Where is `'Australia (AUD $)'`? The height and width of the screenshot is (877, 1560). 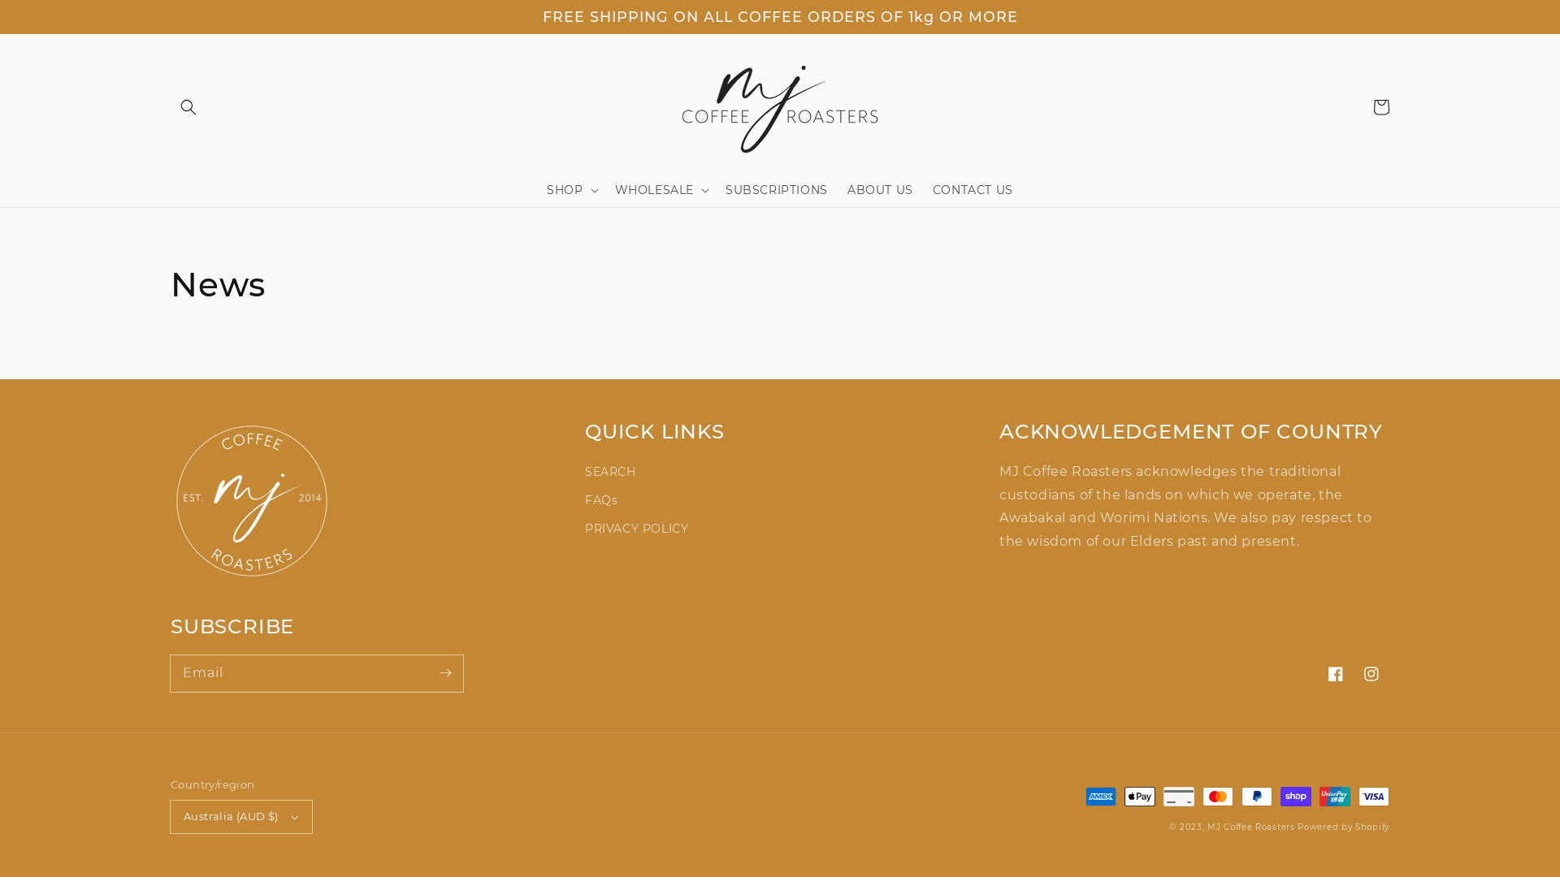 'Australia (AUD $)' is located at coordinates (240, 817).